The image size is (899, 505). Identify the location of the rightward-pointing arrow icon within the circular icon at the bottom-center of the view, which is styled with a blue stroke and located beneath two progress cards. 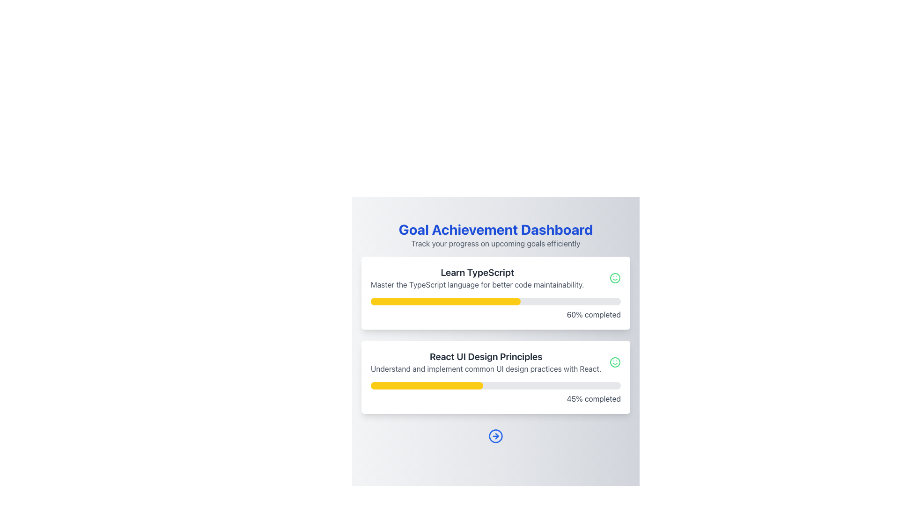
(496, 436).